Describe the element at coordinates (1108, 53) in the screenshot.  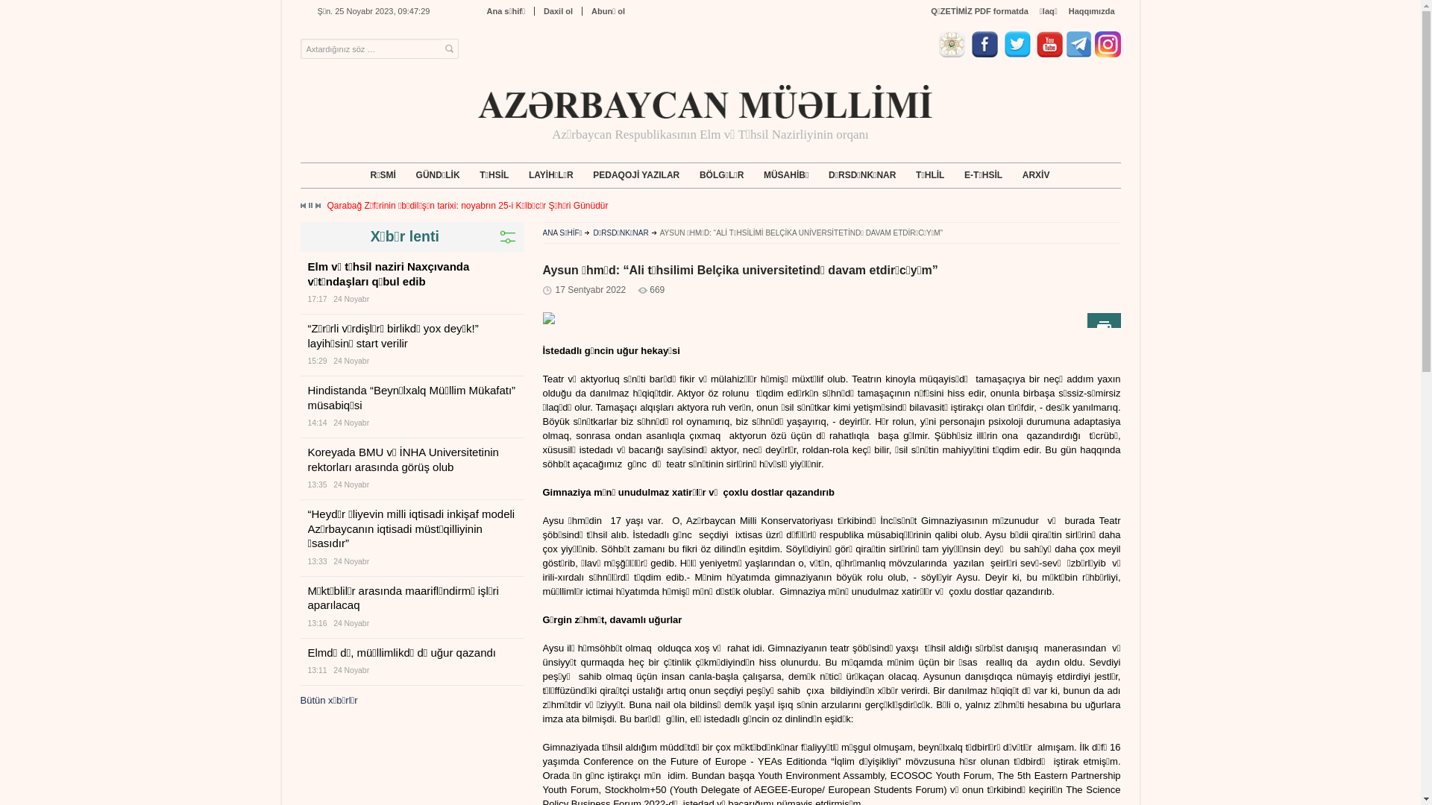
I see `'Instagram'` at that location.